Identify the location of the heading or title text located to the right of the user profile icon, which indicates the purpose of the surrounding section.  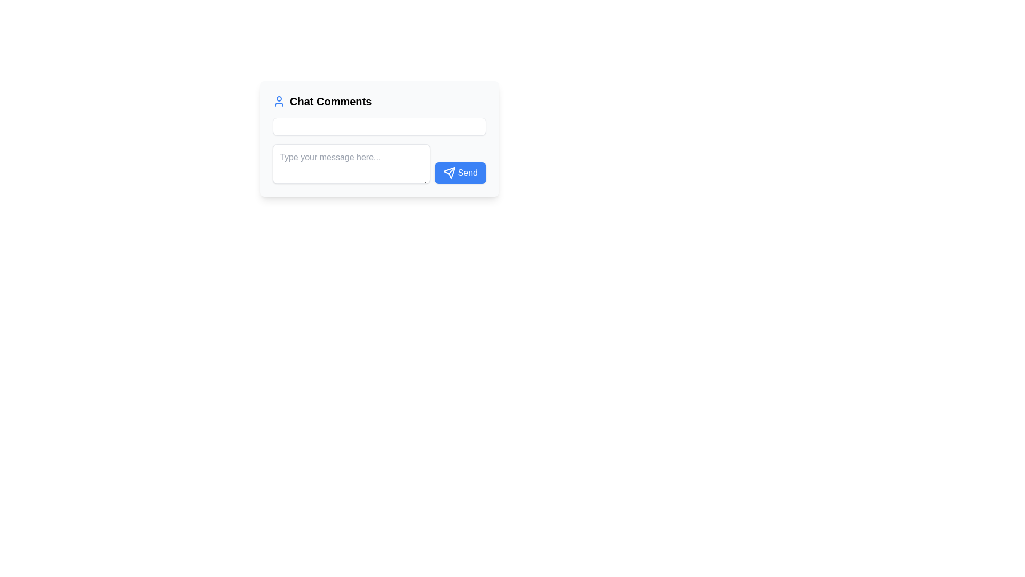
(330, 101).